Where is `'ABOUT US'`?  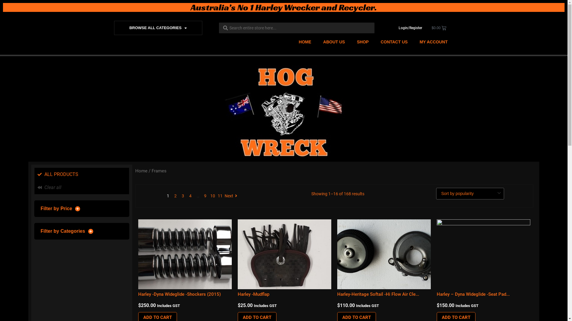 'ABOUT US' is located at coordinates (334, 42).